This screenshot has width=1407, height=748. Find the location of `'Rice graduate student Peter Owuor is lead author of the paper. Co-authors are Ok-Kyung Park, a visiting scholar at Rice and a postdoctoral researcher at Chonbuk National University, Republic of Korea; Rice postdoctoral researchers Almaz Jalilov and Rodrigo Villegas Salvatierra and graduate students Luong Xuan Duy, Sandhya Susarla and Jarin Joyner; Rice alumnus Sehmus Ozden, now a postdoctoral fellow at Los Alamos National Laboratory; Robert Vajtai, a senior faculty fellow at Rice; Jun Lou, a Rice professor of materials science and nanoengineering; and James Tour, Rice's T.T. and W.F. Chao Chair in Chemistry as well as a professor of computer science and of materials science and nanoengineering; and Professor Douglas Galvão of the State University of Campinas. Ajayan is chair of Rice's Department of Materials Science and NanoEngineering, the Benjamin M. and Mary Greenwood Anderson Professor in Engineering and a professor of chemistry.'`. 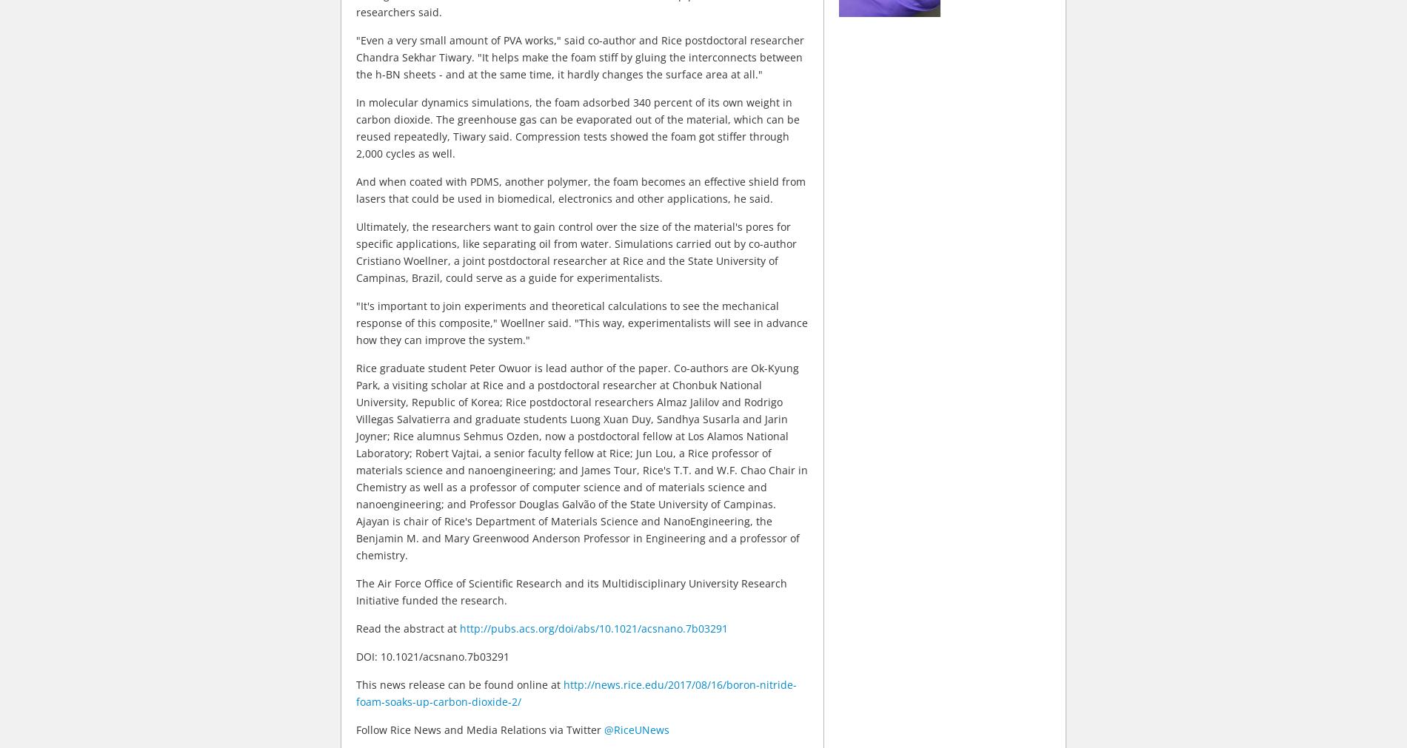

'Rice graduate student Peter Owuor is lead author of the paper. Co-authors are Ok-Kyung Park, a visiting scholar at Rice and a postdoctoral researcher at Chonbuk National University, Republic of Korea; Rice postdoctoral researchers Almaz Jalilov and Rodrigo Villegas Salvatierra and graduate students Luong Xuan Duy, Sandhya Susarla and Jarin Joyner; Rice alumnus Sehmus Ozden, now a postdoctoral fellow at Los Alamos National Laboratory; Robert Vajtai, a senior faculty fellow at Rice; Jun Lou, a Rice professor of materials science and nanoengineering; and James Tour, Rice's T.T. and W.F. Chao Chair in Chemistry as well as a professor of computer science and of materials science and nanoengineering; and Professor Douglas Galvão of the State University of Campinas. Ajayan is chair of Rice's Department of Materials Science and NanoEngineering, the Benjamin M. and Mary Greenwood Anderson Professor in Engineering and a professor of chemistry.' is located at coordinates (581, 460).